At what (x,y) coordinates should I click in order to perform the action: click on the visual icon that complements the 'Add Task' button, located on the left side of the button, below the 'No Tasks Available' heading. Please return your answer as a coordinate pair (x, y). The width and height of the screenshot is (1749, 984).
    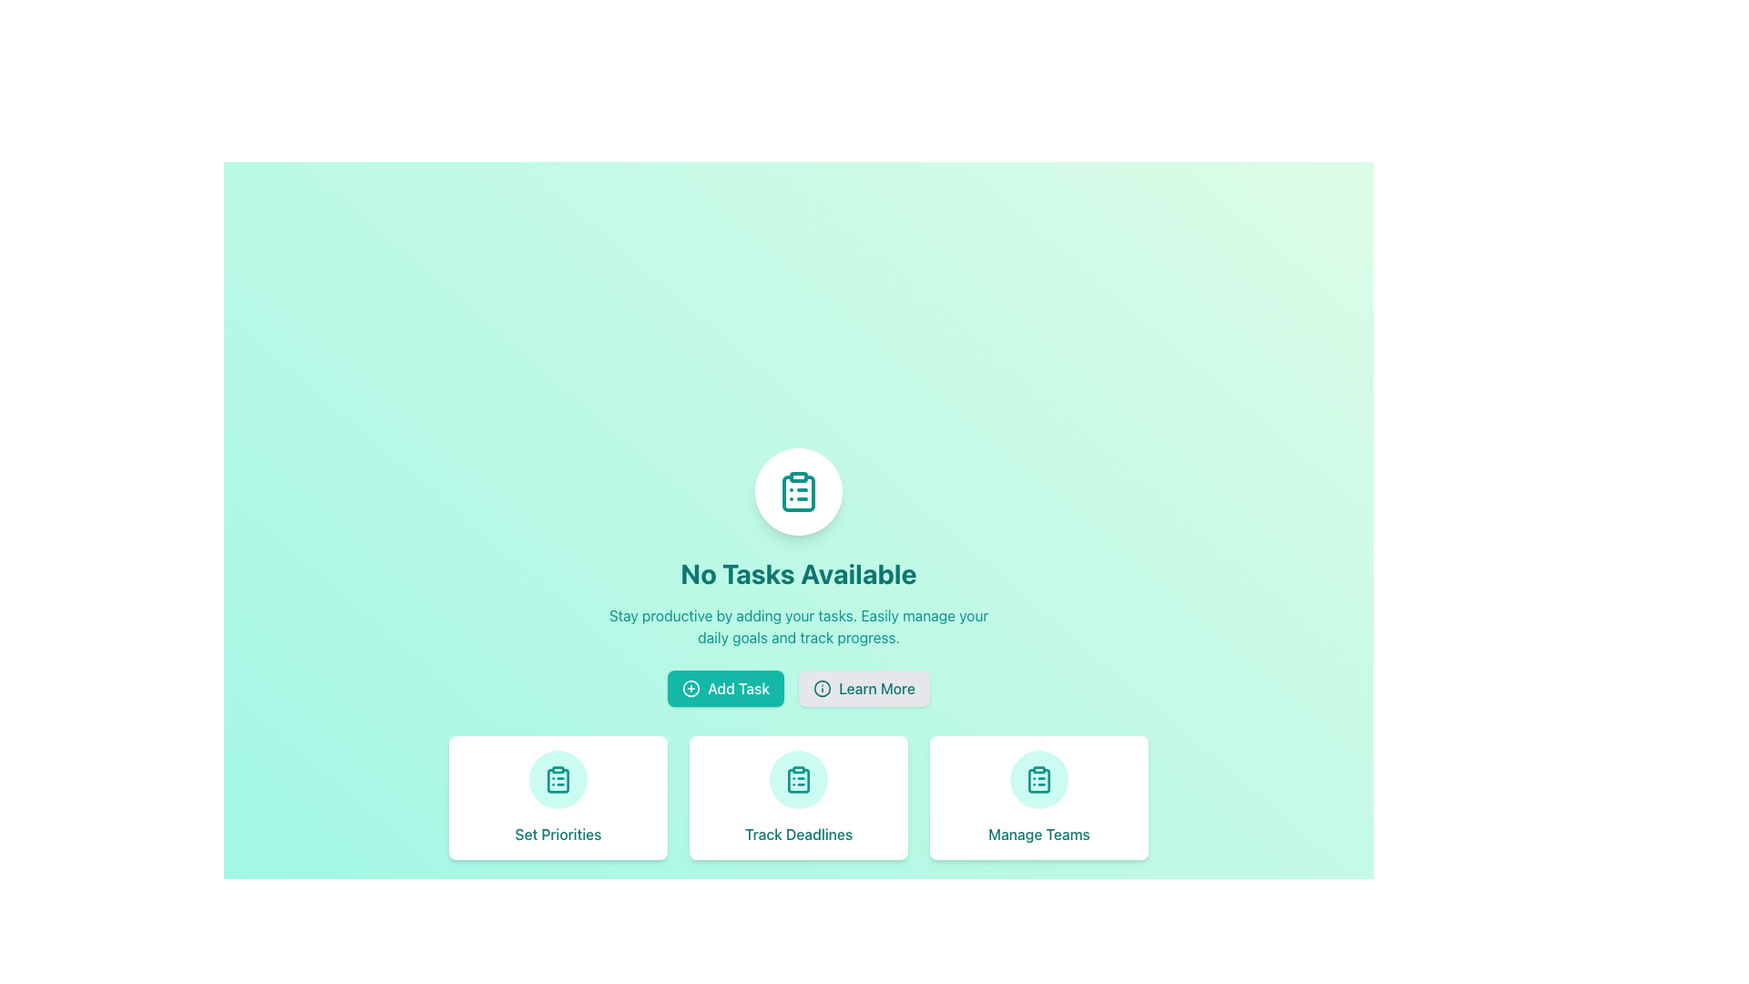
    Looking at the image, I should click on (690, 689).